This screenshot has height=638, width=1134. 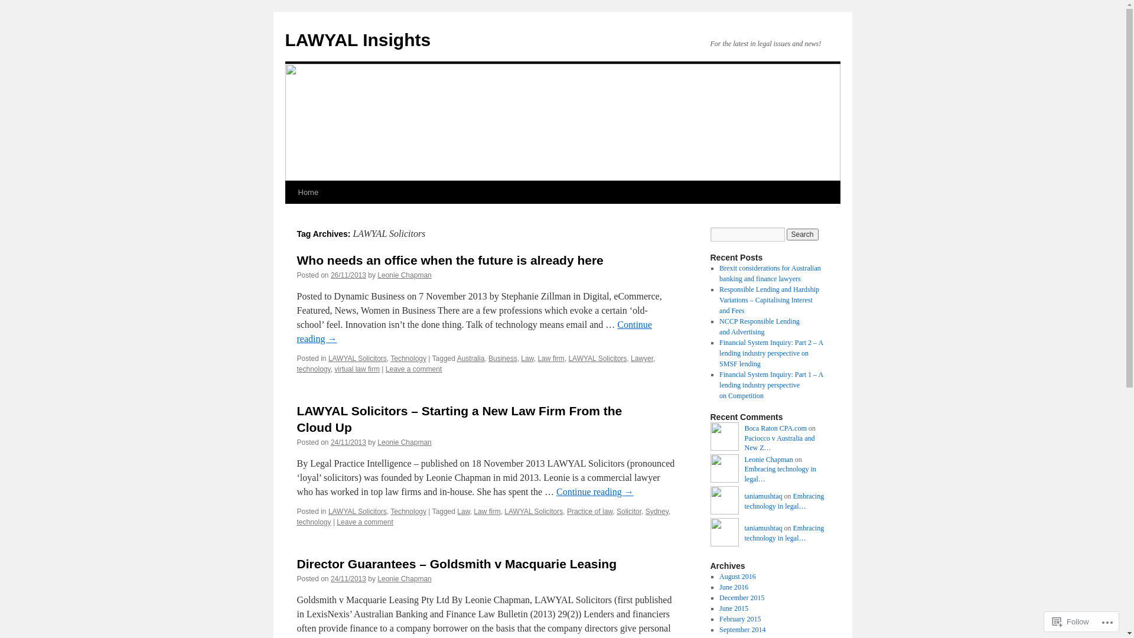 I want to click on 'Leonie Chapman', so click(x=404, y=275).